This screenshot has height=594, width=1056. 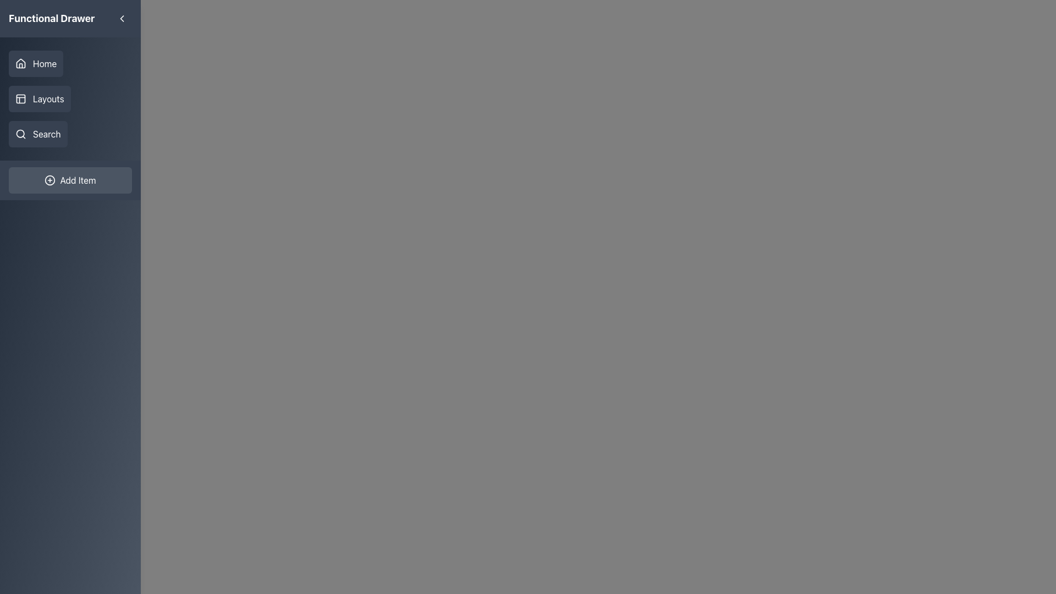 What do you see at coordinates (21, 63) in the screenshot?
I see `the 'Home' icon located at the top of the sidebar` at bounding box center [21, 63].